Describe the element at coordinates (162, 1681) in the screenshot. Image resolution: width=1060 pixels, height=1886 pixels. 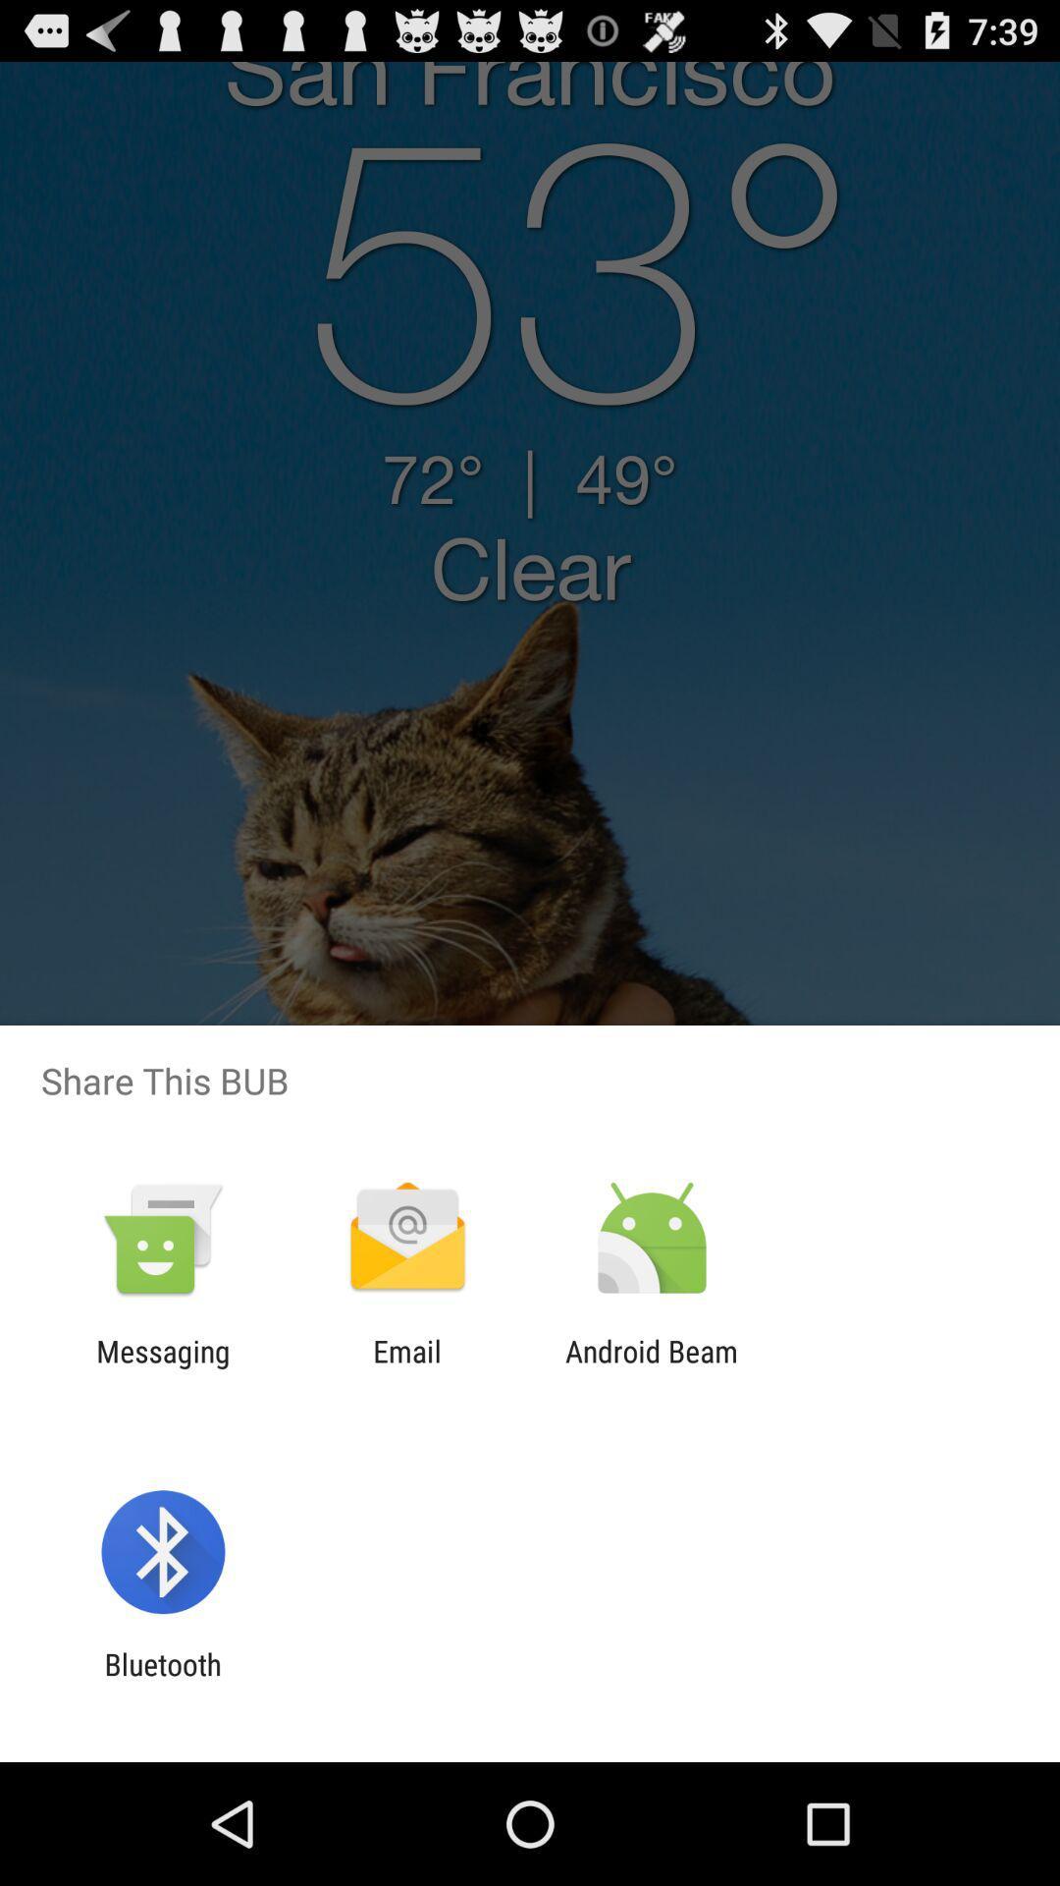
I see `the bluetooth` at that location.